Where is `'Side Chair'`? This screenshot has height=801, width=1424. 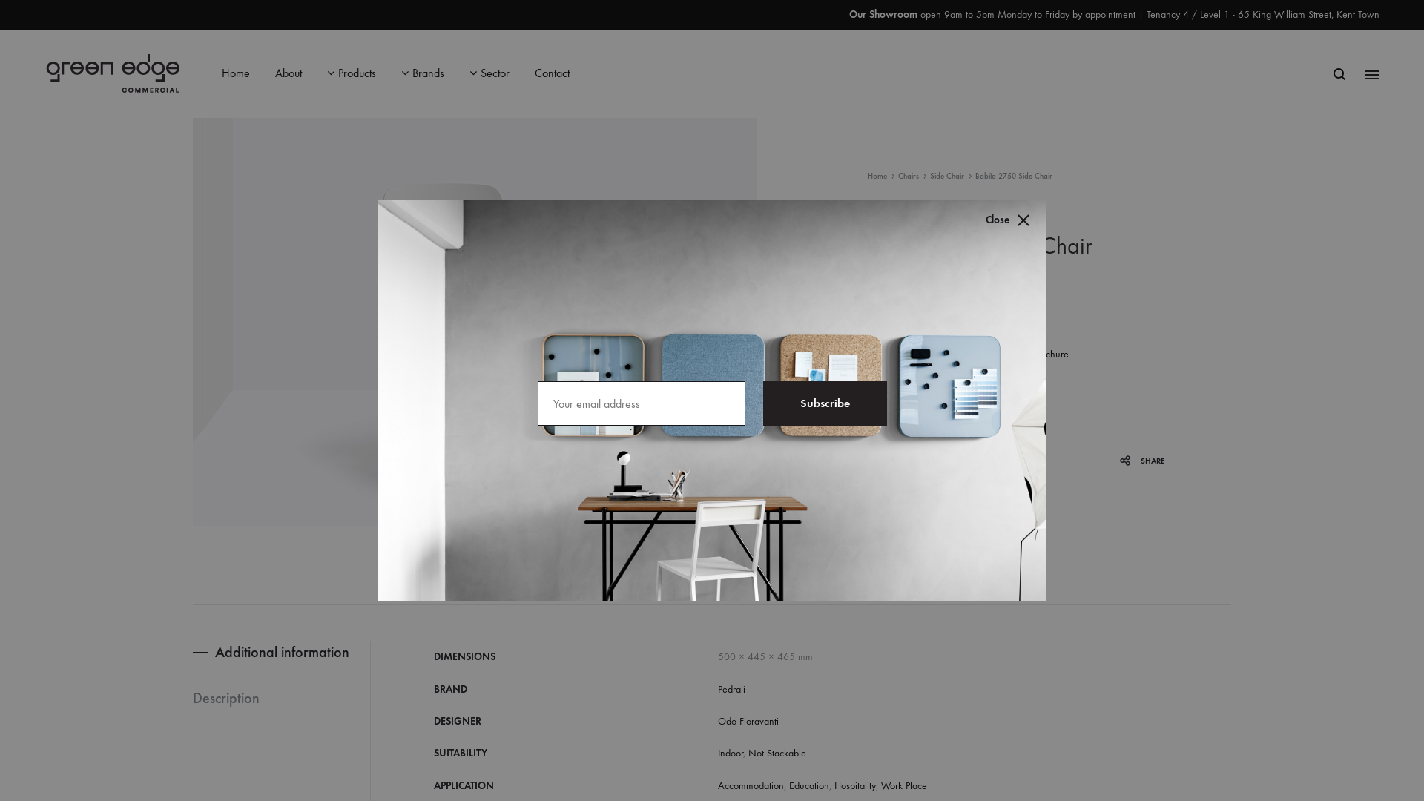
'Side Chair' is located at coordinates (946, 175).